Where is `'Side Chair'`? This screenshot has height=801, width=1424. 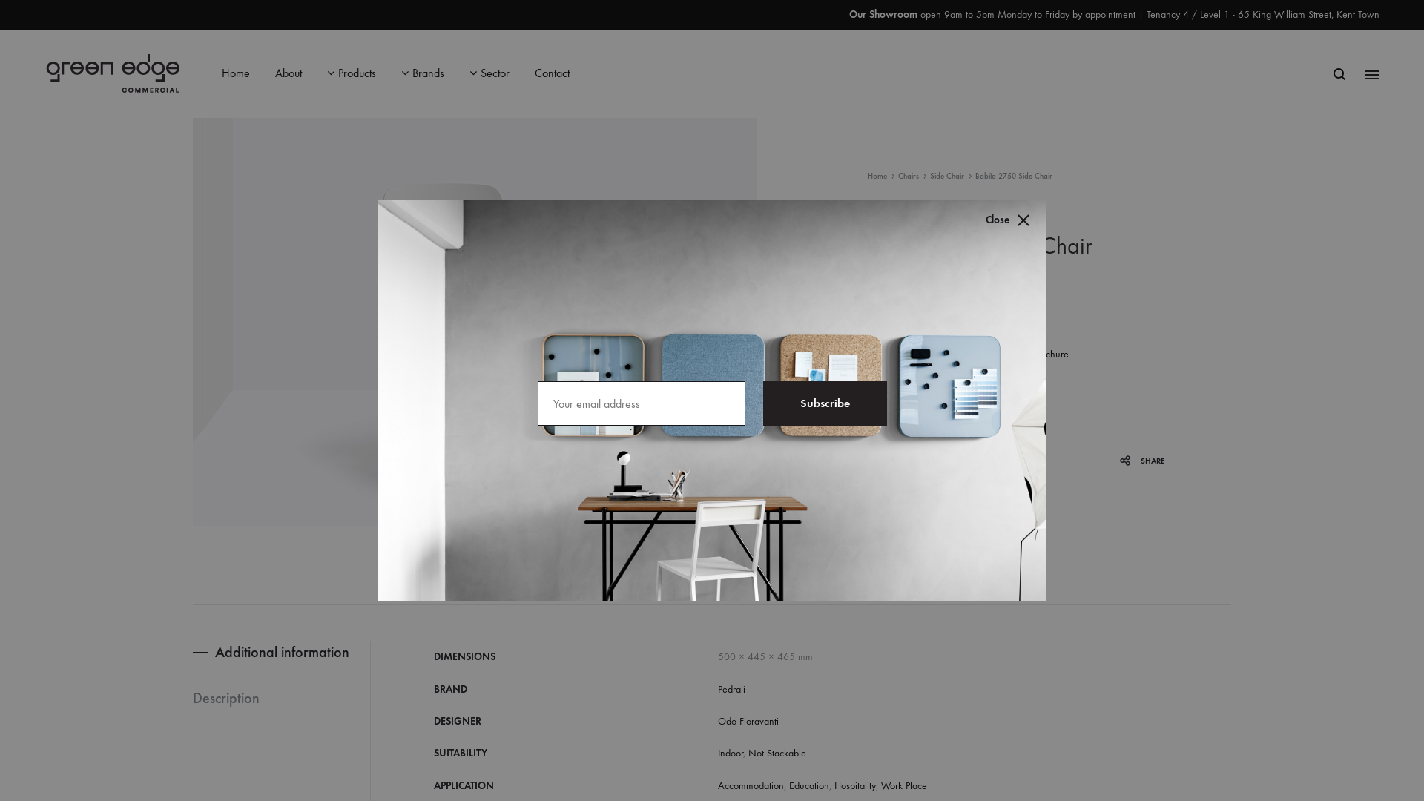
'Side Chair' is located at coordinates (946, 175).